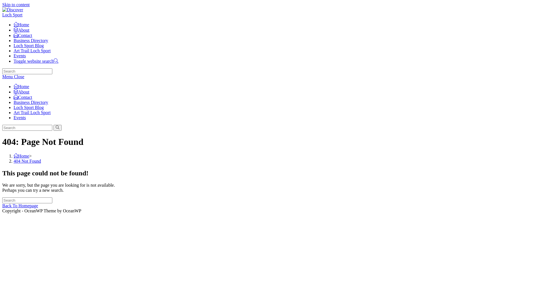  I want to click on 'Toggle website search', so click(35, 61).